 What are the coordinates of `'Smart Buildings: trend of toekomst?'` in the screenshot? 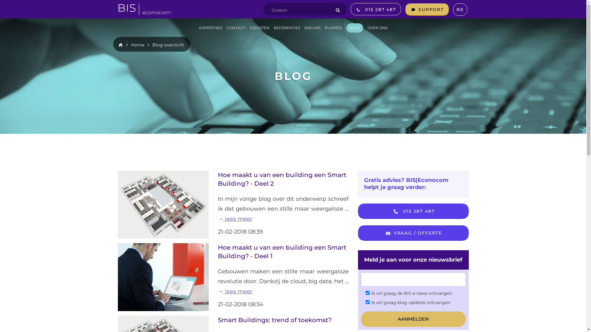 It's located at (274, 320).